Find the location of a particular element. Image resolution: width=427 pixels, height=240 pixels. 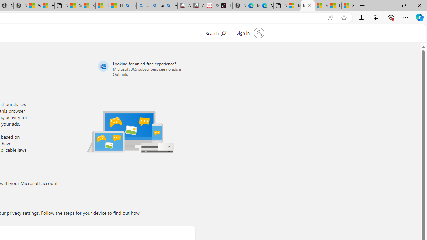

'Illustration of multiple devices' is located at coordinates (130, 131).